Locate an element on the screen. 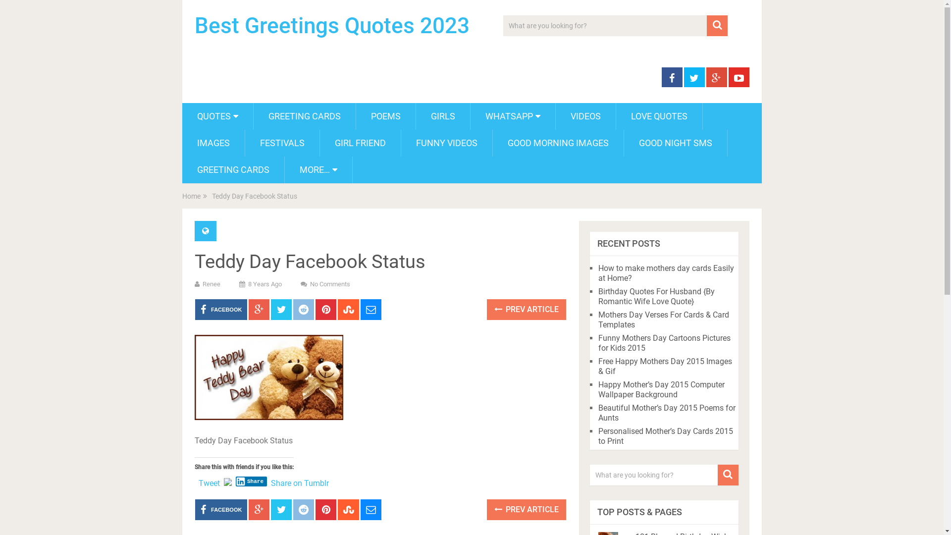  'How to make mothers day cards Easily at Home?' is located at coordinates (666, 273).